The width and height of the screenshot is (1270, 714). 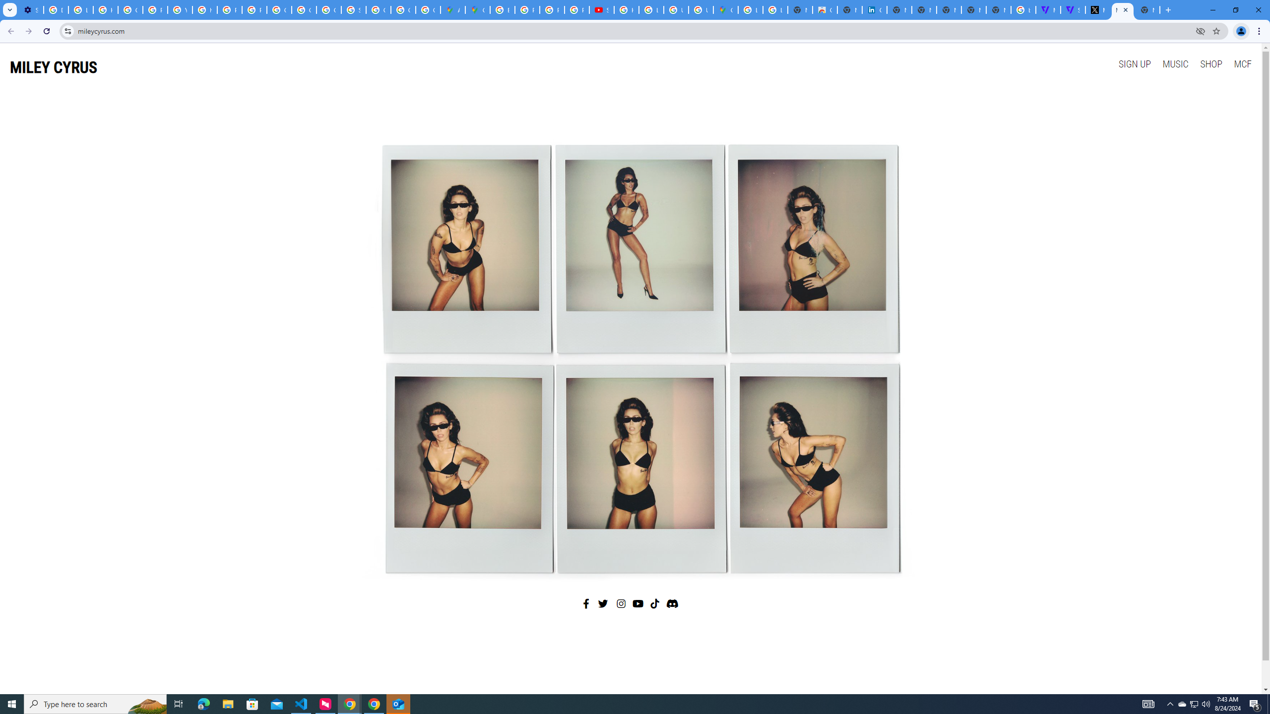 What do you see at coordinates (30, 9) in the screenshot?
I see `'Settings - Customize profile'` at bounding box center [30, 9].